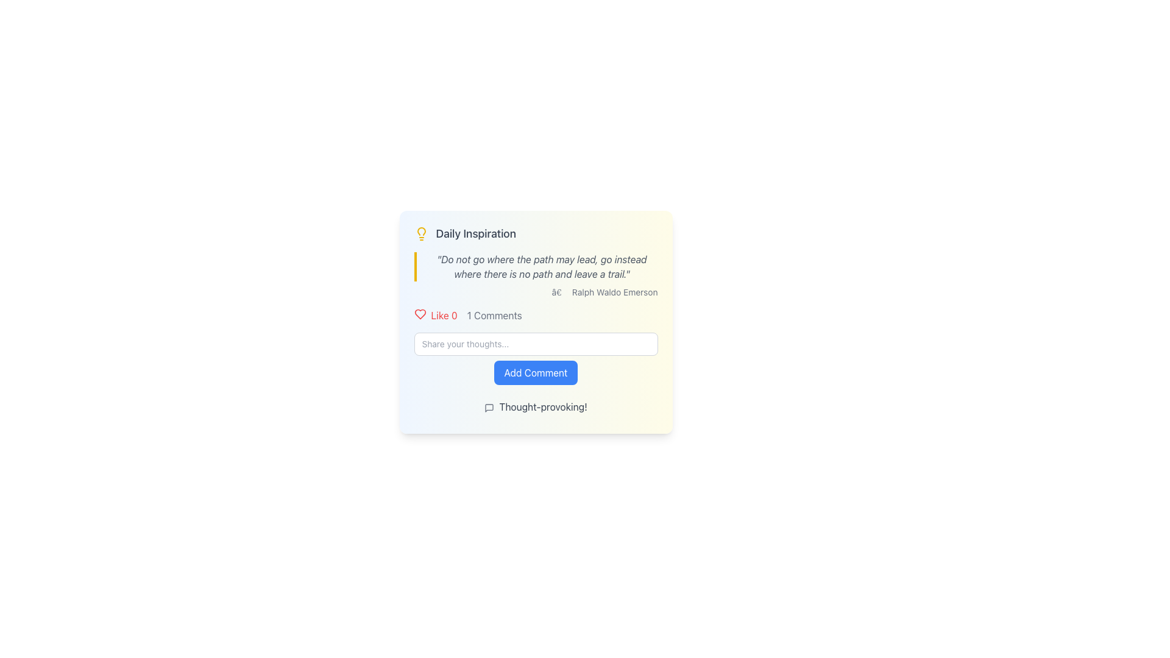  I want to click on the title of the content card, which is a Text Label positioned to the right of a lightbulb icon, located at the top-left of the content card, so click(475, 234).